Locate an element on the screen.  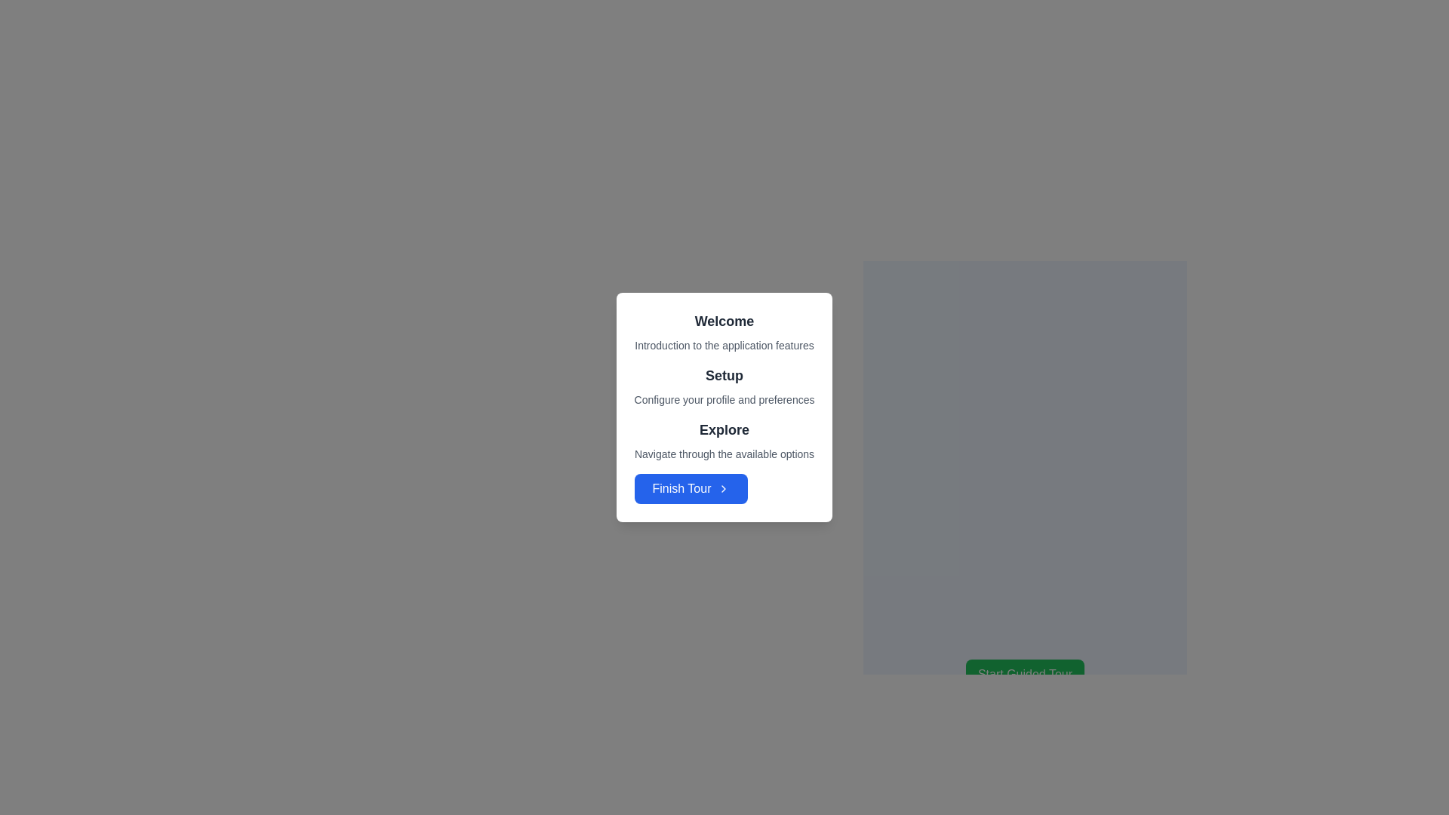
the final button in the vertically arranged group within the card layout is located at coordinates (690, 489).